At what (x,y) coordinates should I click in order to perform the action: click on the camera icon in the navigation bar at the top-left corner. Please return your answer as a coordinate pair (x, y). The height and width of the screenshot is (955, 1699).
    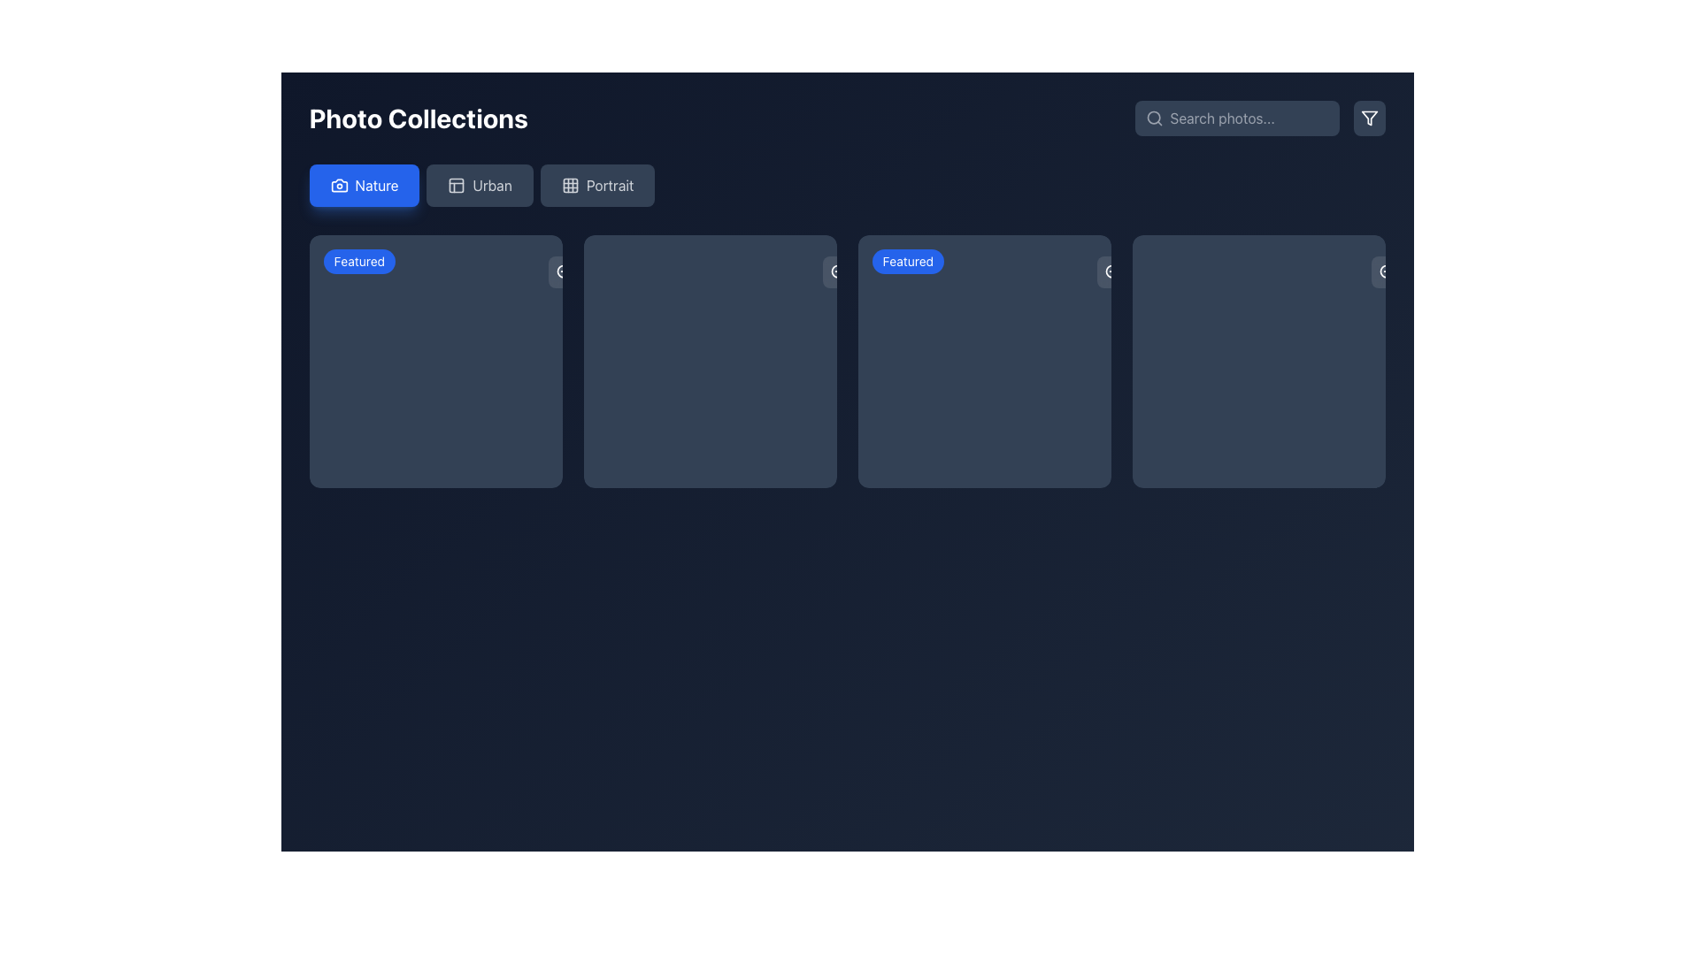
    Looking at the image, I should click on (339, 185).